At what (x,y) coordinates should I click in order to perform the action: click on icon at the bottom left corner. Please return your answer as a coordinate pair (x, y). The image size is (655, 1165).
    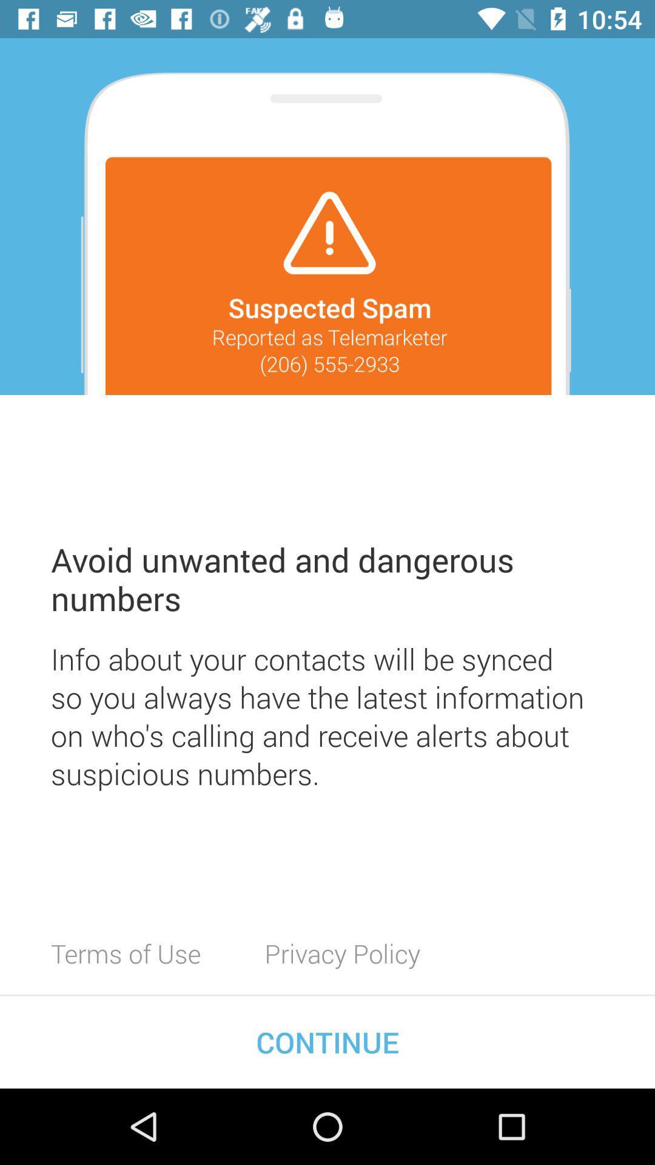
    Looking at the image, I should click on (126, 953).